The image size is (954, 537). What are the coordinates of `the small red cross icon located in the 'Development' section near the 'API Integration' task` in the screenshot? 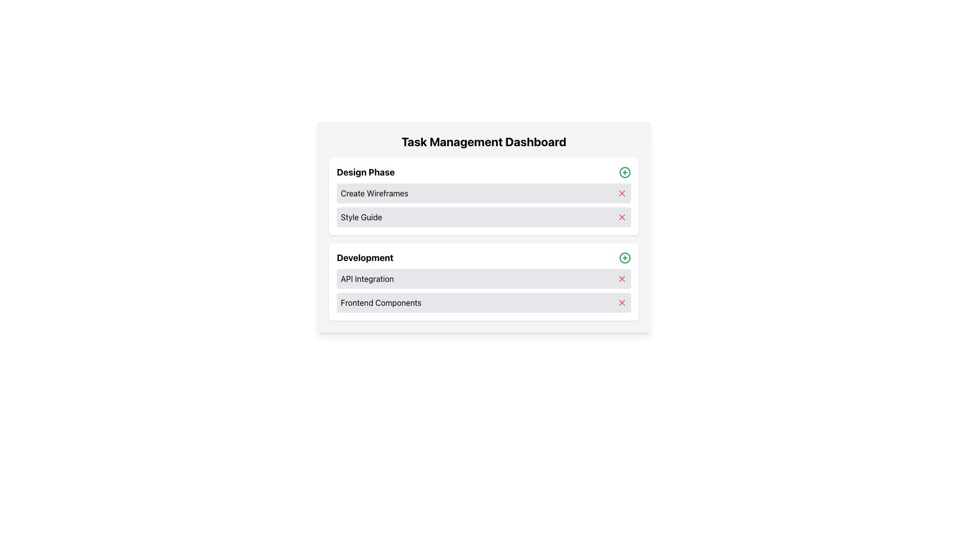 It's located at (622, 278).